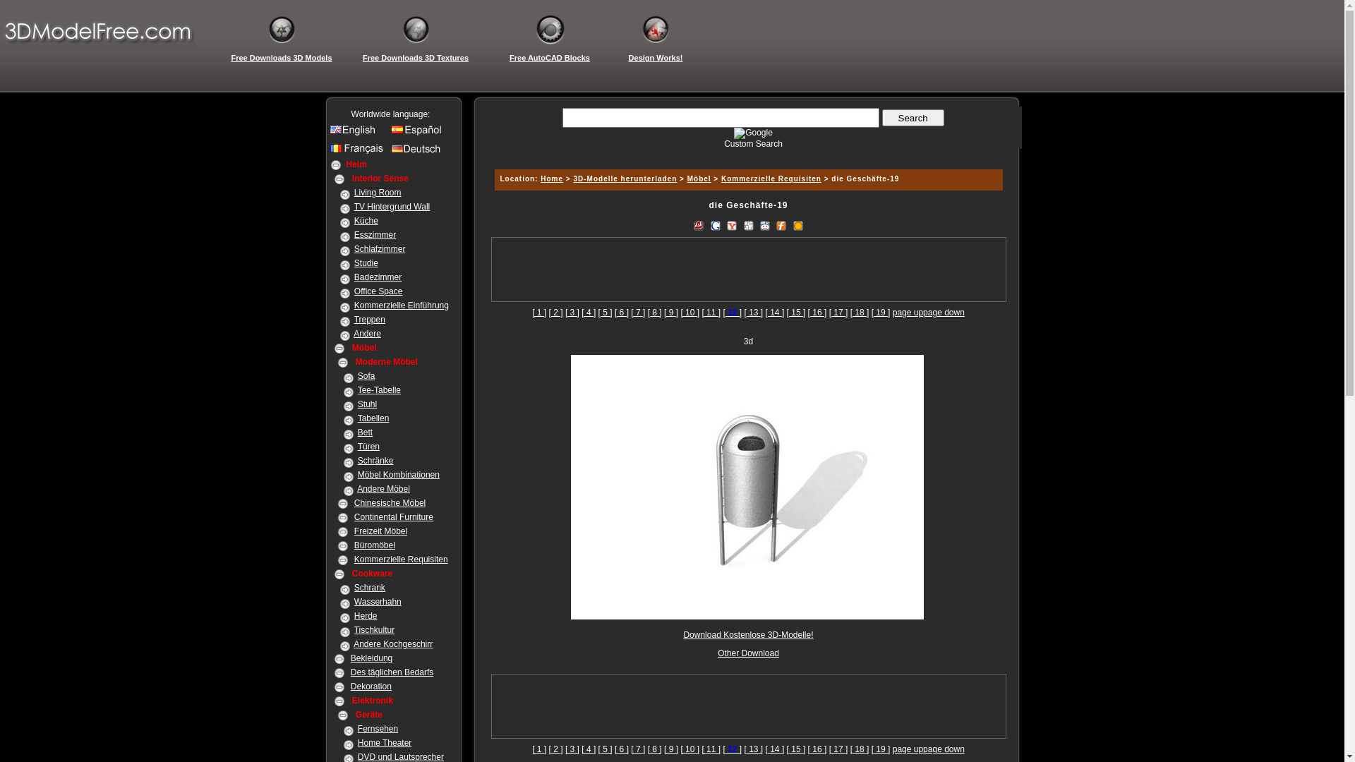 The image size is (1355, 762). I want to click on 'ABookmark  To Furl', so click(781, 224).